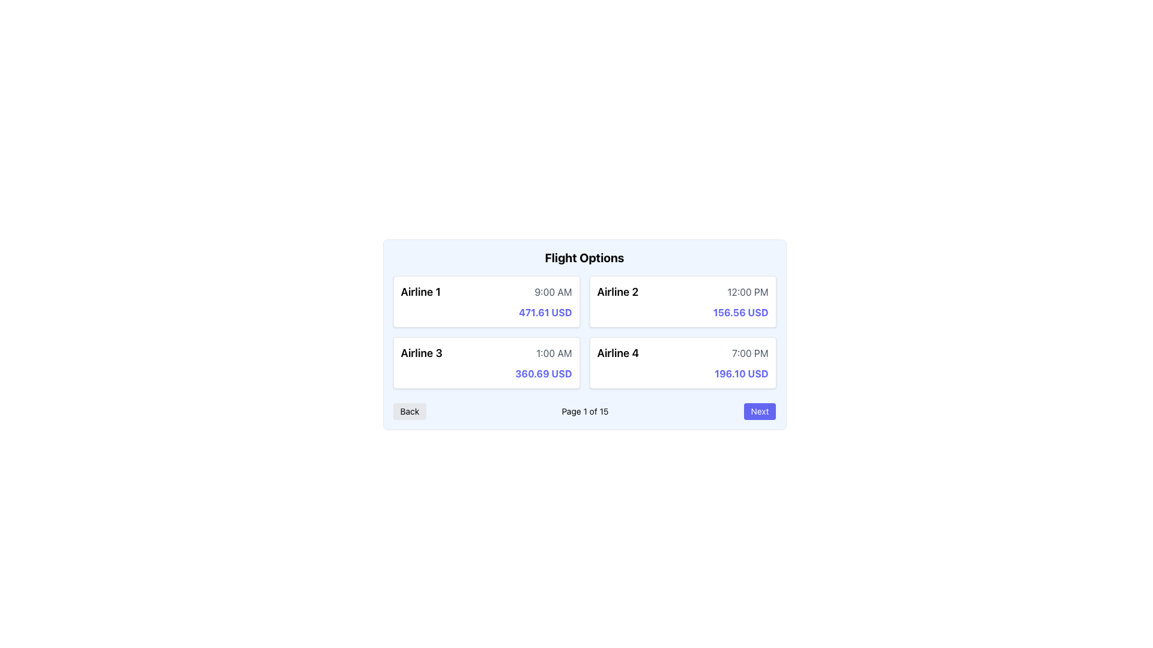 The width and height of the screenshot is (1153, 648). I want to click on the time indicator text for 'Airline 3' located in the bottom-left quadrant of the grid layout, so click(553, 353).